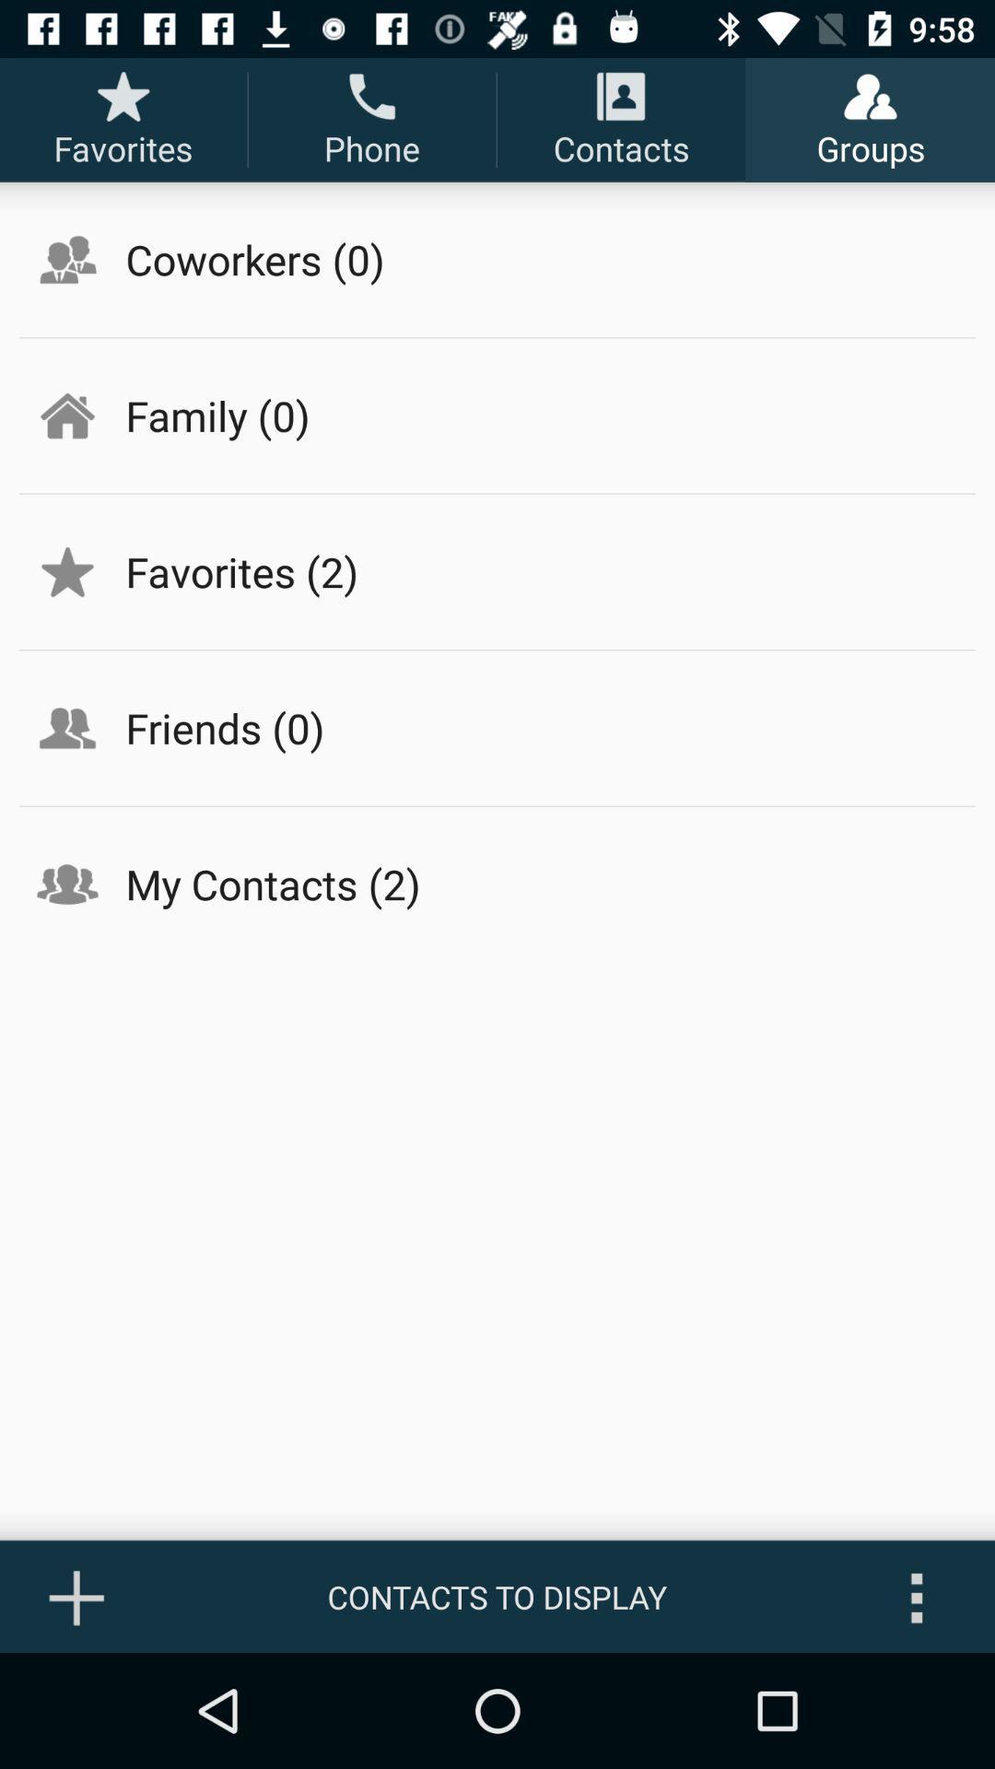 Image resolution: width=995 pixels, height=1769 pixels. What do you see at coordinates (76, 1596) in the screenshot?
I see `the item at the bottom left corner` at bounding box center [76, 1596].